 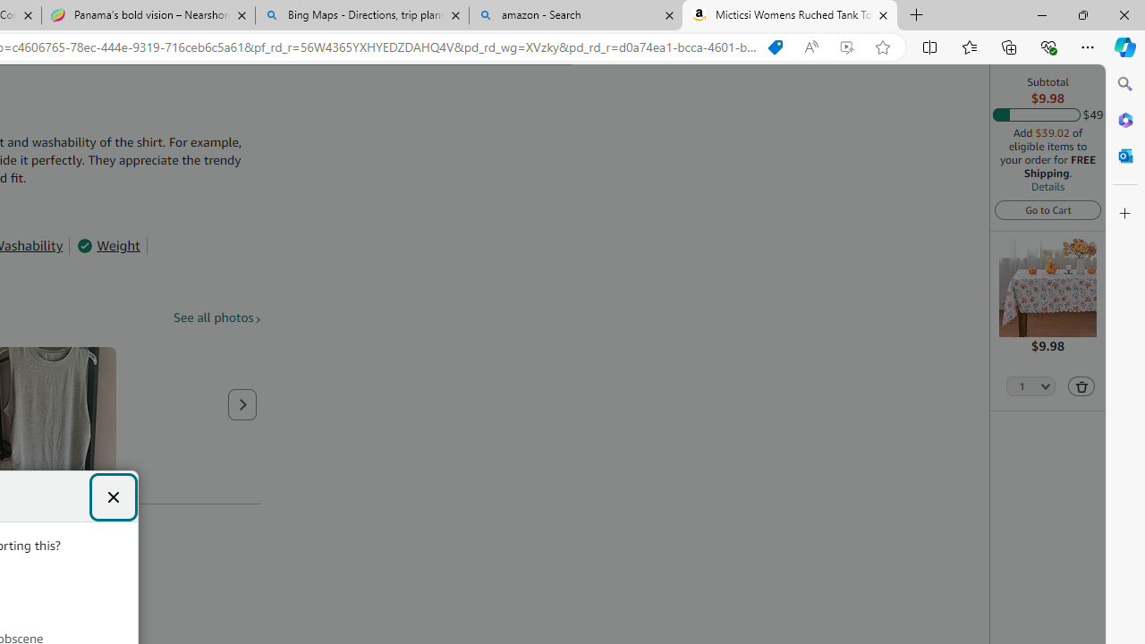 I want to click on 'Enhance video', so click(x=845, y=47).